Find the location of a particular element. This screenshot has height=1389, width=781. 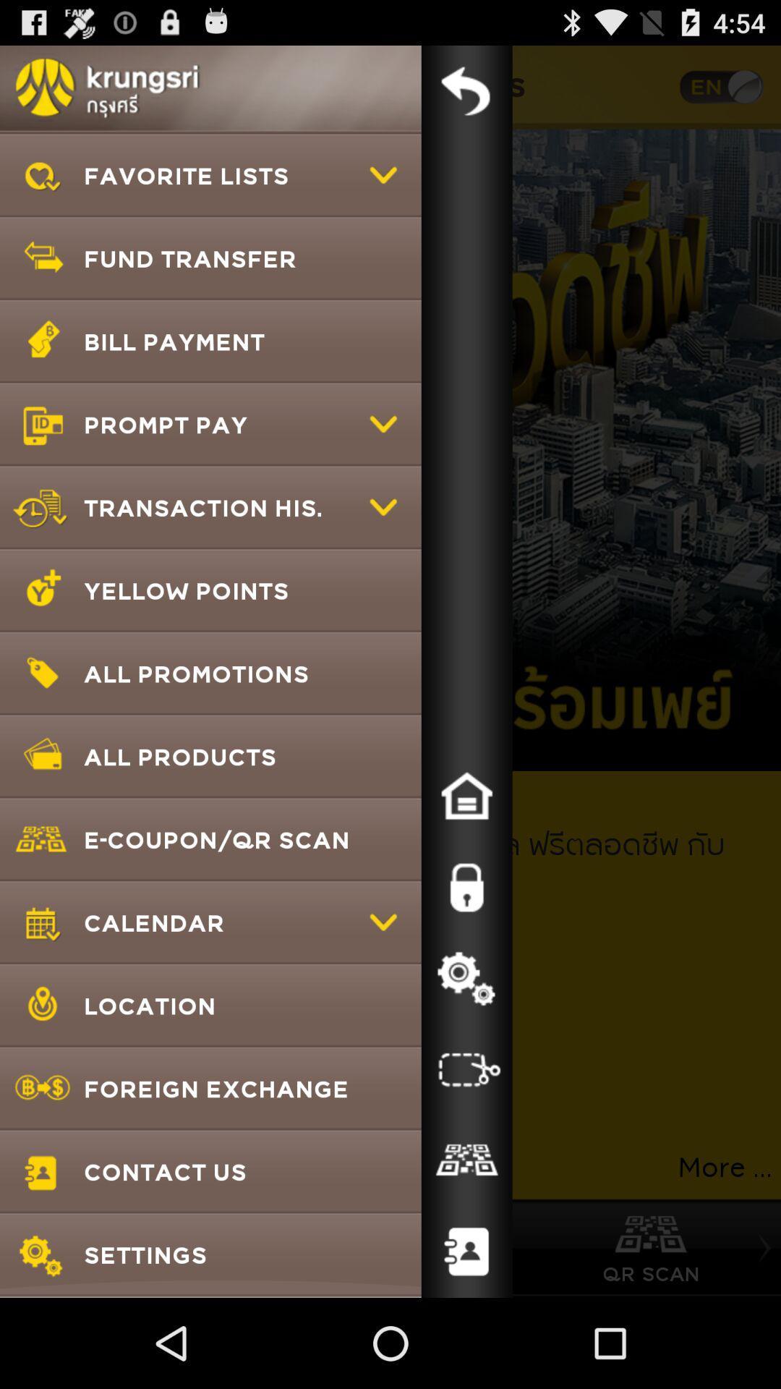

settings is located at coordinates (466, 979).